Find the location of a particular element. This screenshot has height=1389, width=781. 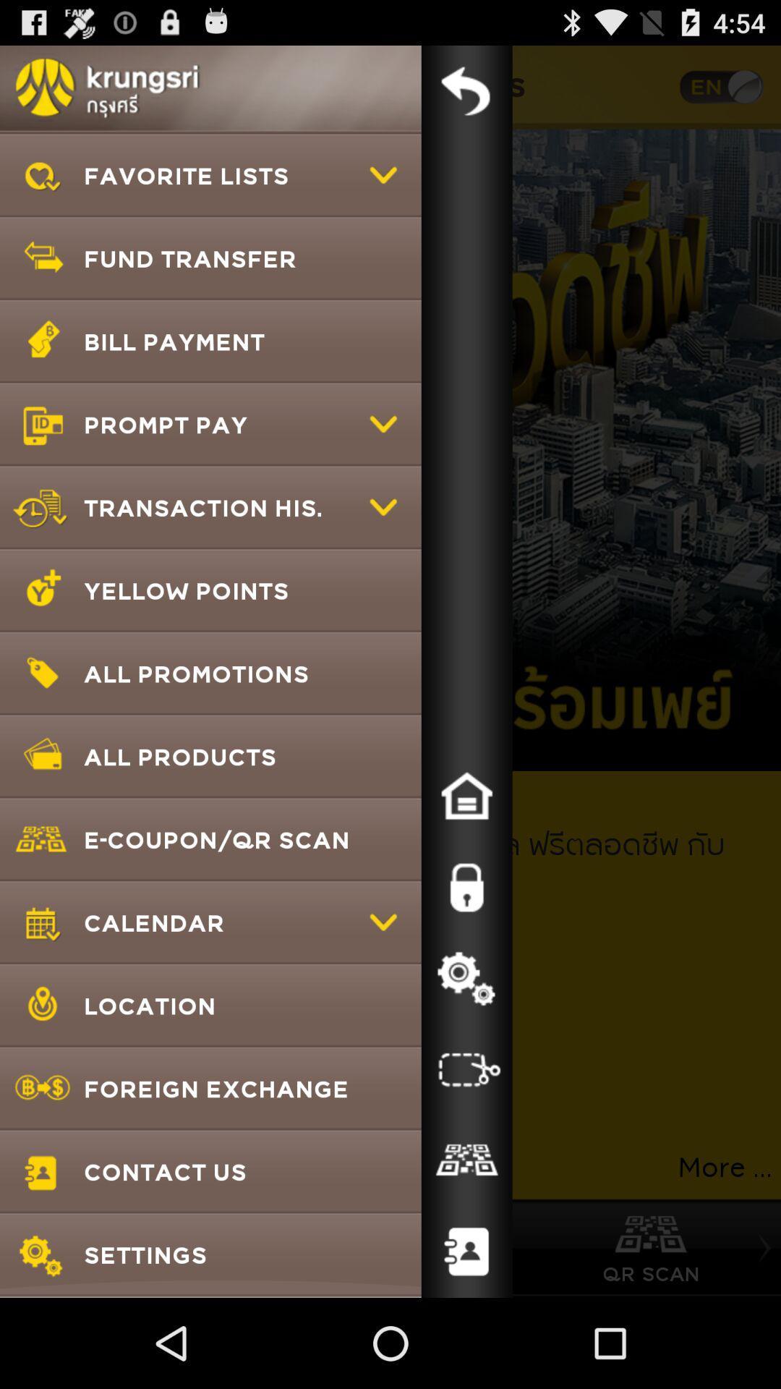

settings is located at coordinates (466, 979).